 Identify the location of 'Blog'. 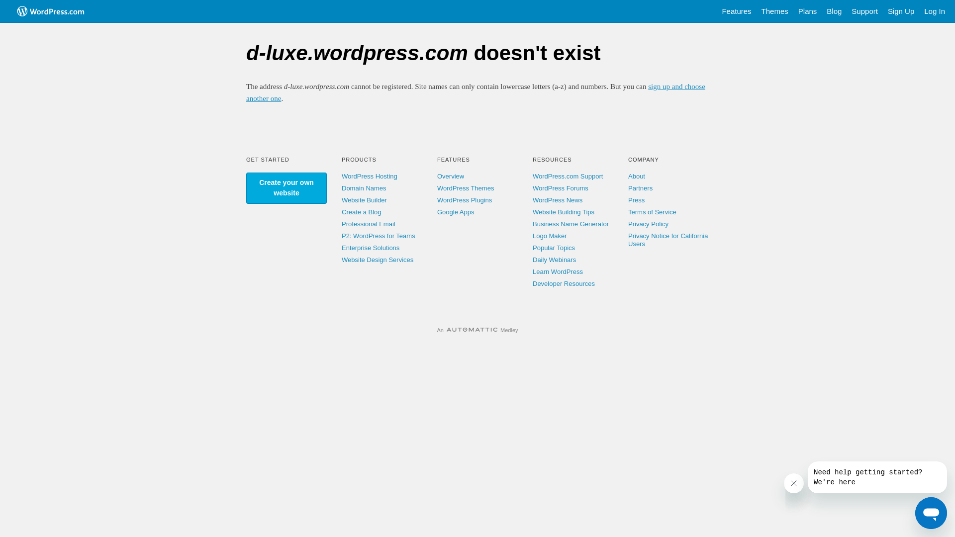
(821, 11).